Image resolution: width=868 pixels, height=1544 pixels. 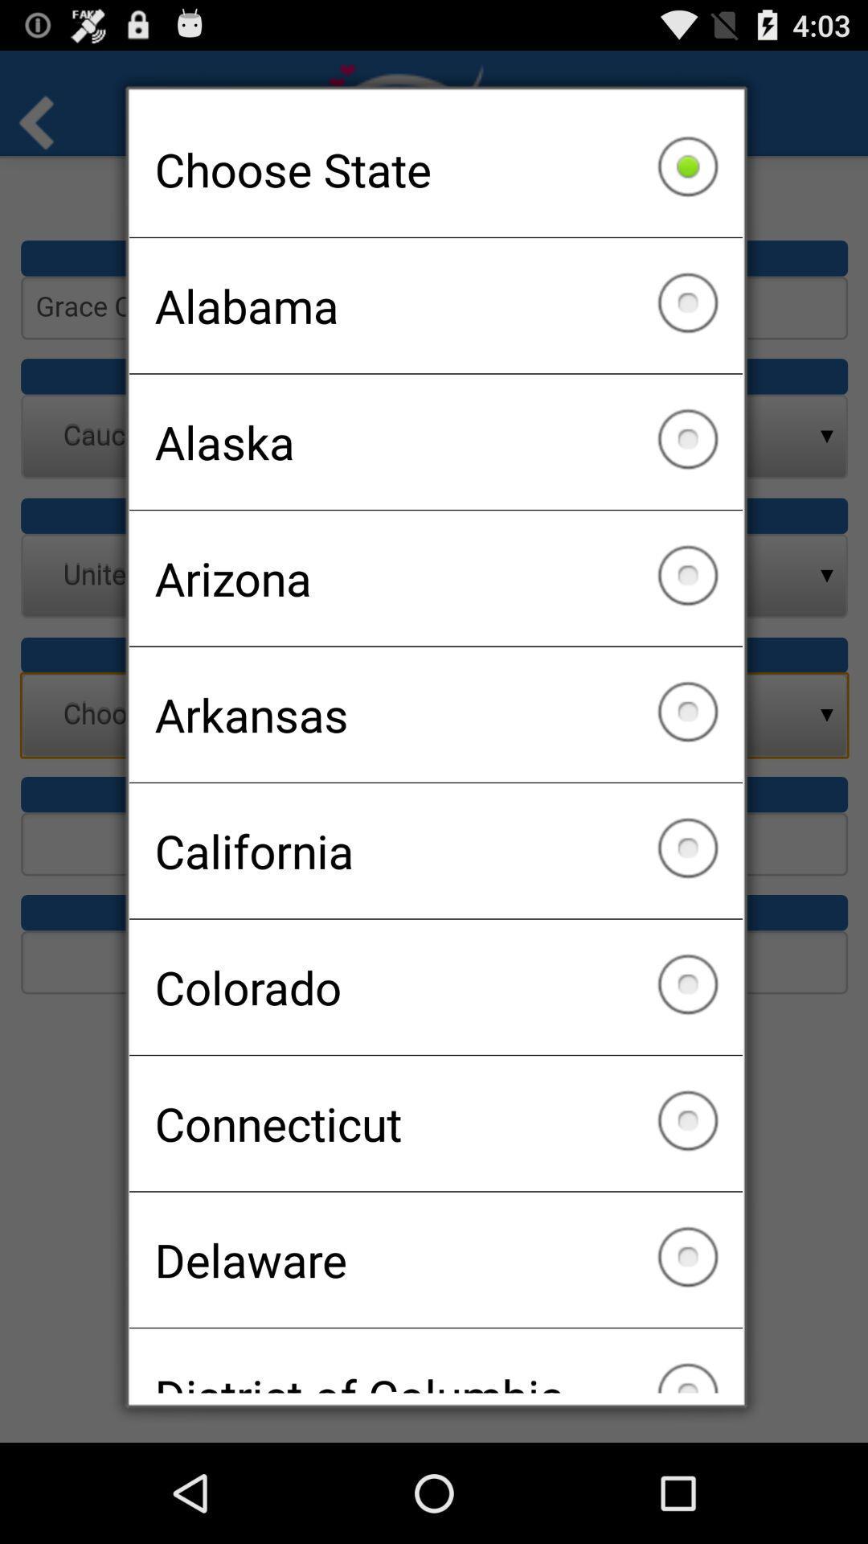 I want to click on the icon above the district of columbia item, so click(x=436, y=1259).